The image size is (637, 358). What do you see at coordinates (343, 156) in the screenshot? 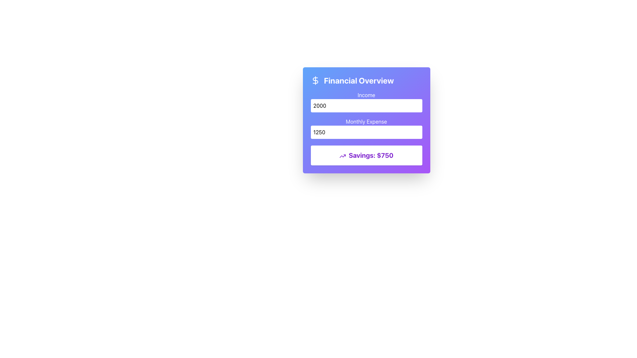
I see `the icon that visually represents the concept related to the text 'Savings: $750', which indicates upward progress or growth and is positioned to the left of that text` at bounding box center [343, 156].